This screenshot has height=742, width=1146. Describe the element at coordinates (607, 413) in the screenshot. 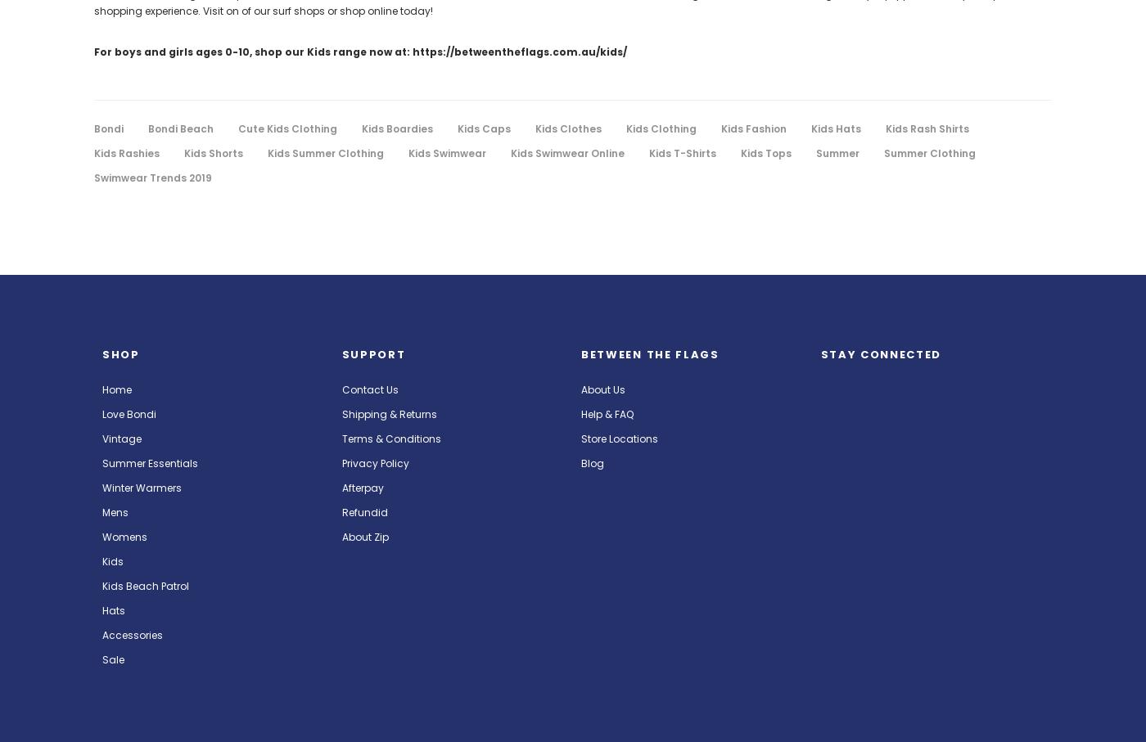

I see `'Help & FAQ'` at that location.